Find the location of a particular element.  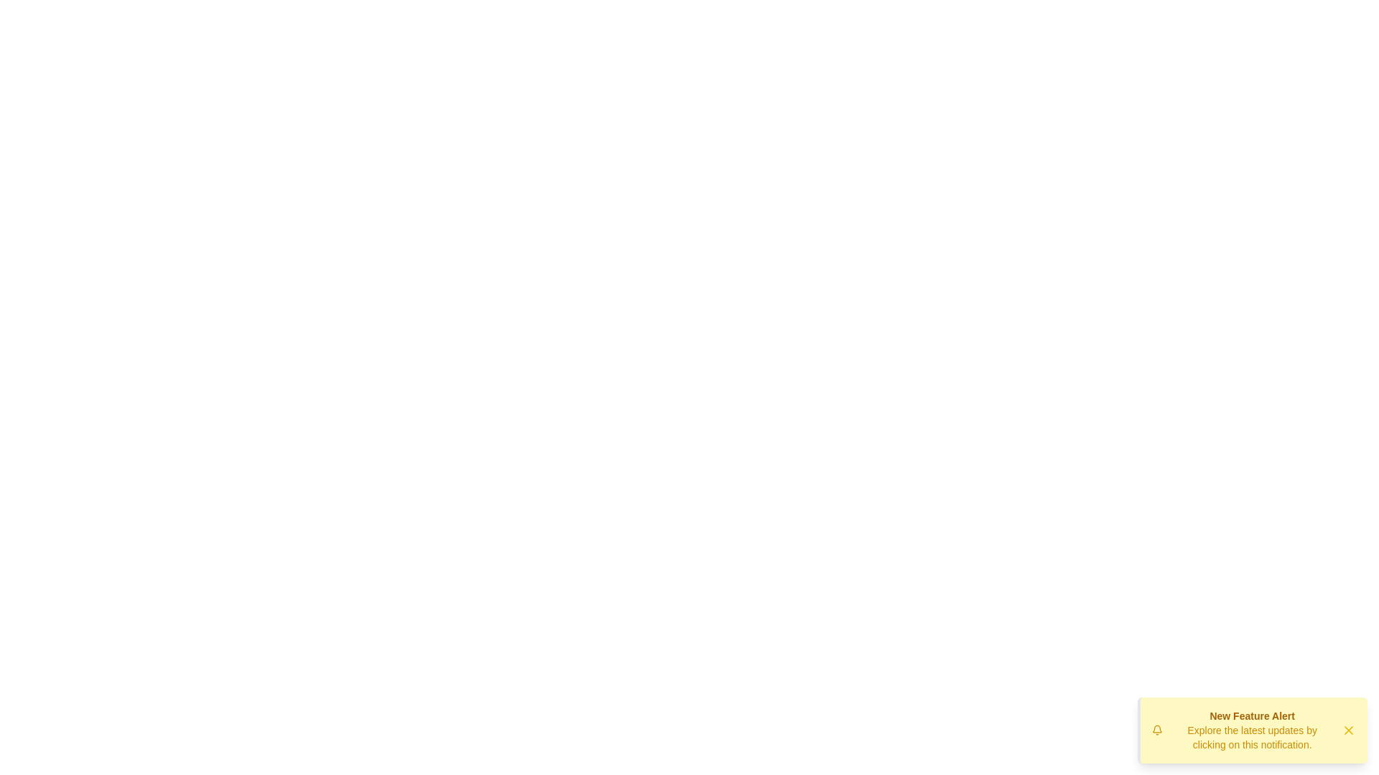

the notification body to explore updates is located at coordinates (1251, 731).